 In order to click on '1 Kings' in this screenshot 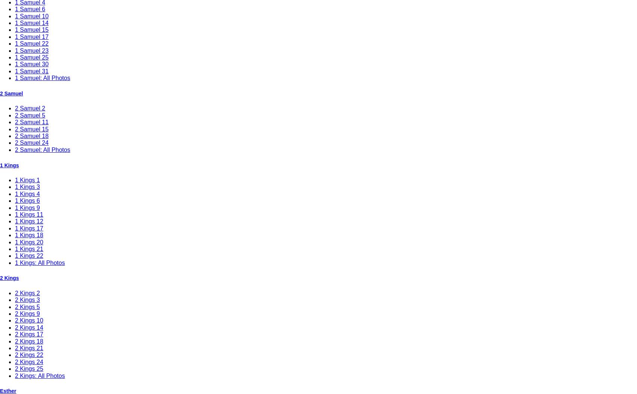, I will do `click(9, 164)`.